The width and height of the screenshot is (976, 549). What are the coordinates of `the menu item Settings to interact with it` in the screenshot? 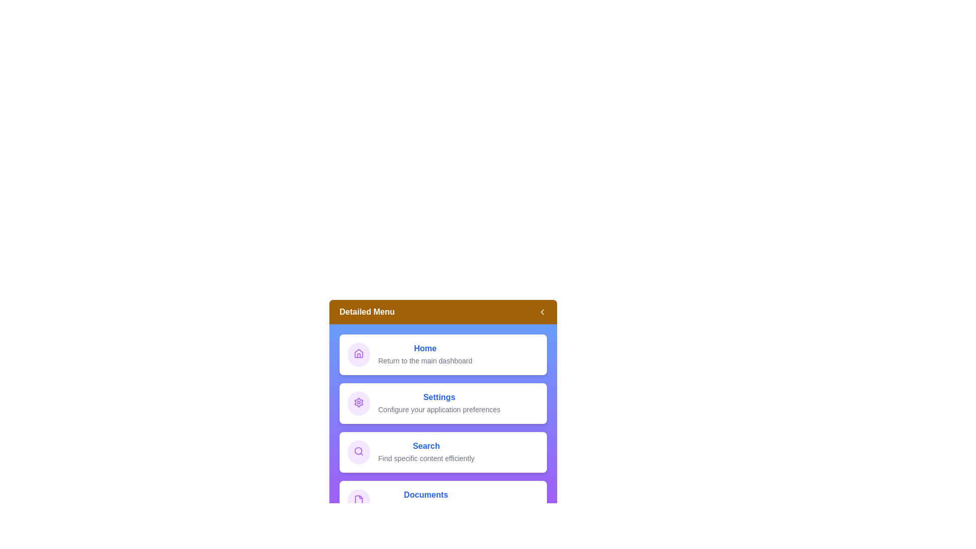 It's located at (443, 403).